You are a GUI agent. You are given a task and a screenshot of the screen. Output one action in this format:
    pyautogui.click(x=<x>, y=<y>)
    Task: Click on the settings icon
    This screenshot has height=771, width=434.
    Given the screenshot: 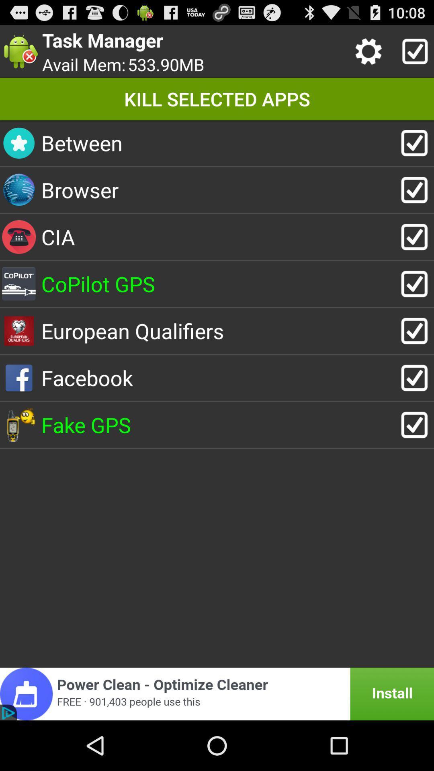 What is the action you would take?
    pyautogui.click(x=371, y=51)
    